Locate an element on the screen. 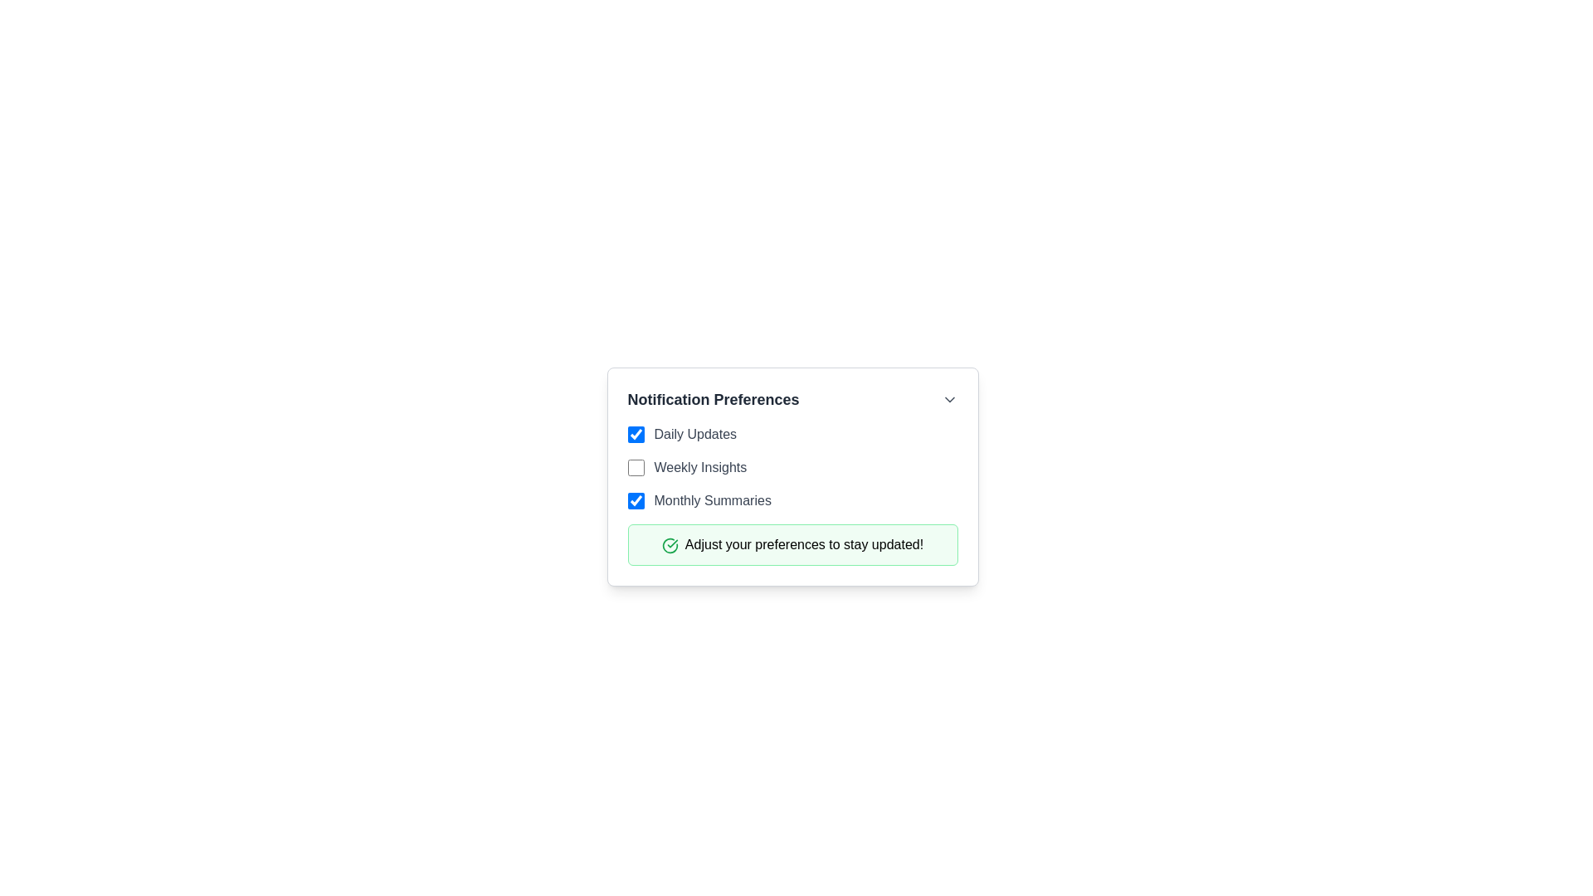  the selected checkbox marked with blue indicating a selected state, located next to 'Monthly Summaries' in the Notification Preferences section is located at coordinates (635, 500).